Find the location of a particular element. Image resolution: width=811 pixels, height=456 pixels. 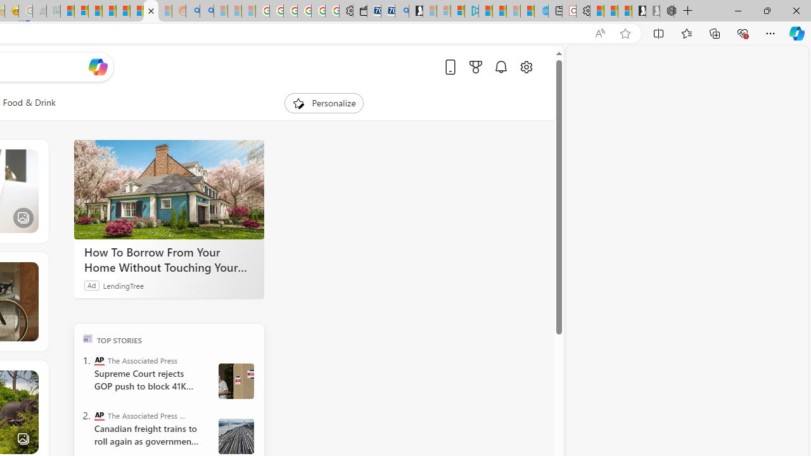

'Notifications' is located at coordinates (501, 66).